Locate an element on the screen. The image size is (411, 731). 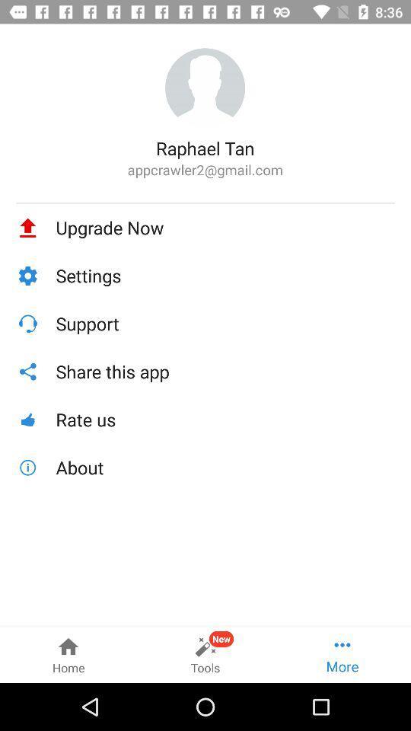
item above share this app item is located at coordinates (225, 324).